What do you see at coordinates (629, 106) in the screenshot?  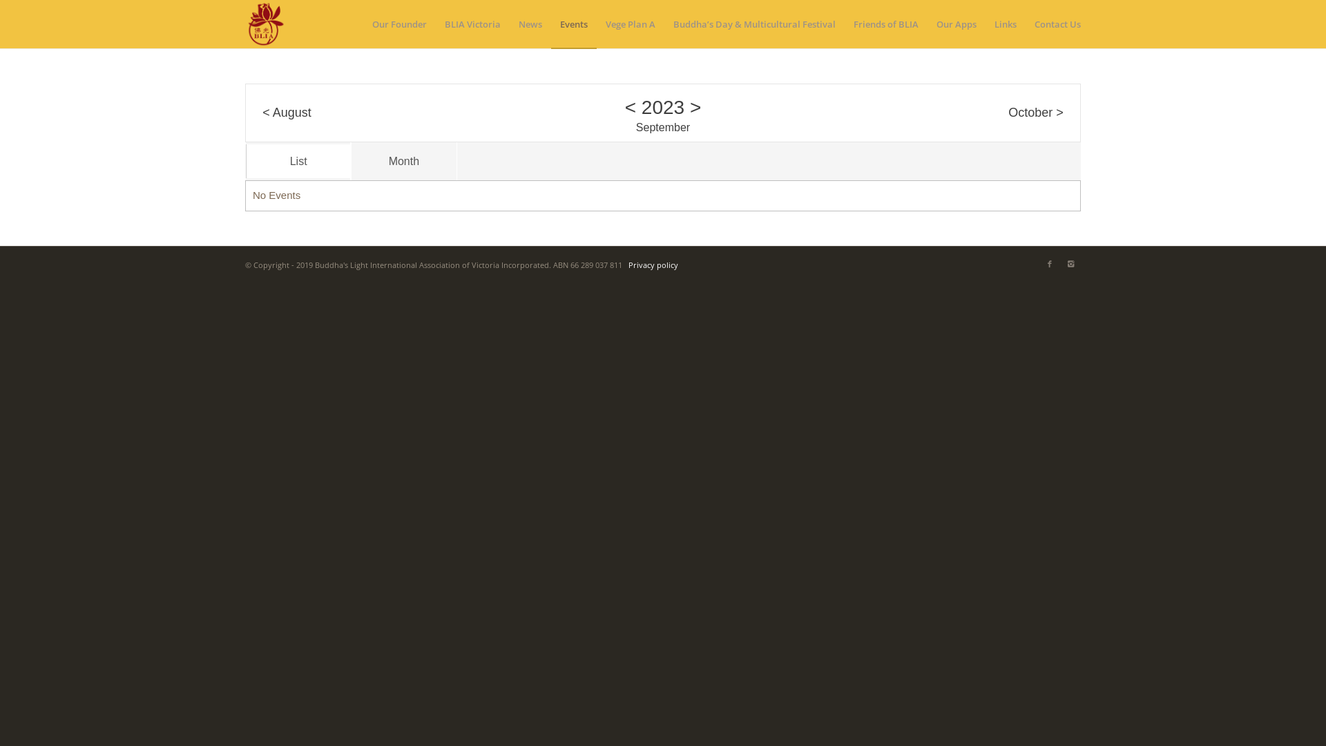 I see `'<'` at bounding box center [629, 106].